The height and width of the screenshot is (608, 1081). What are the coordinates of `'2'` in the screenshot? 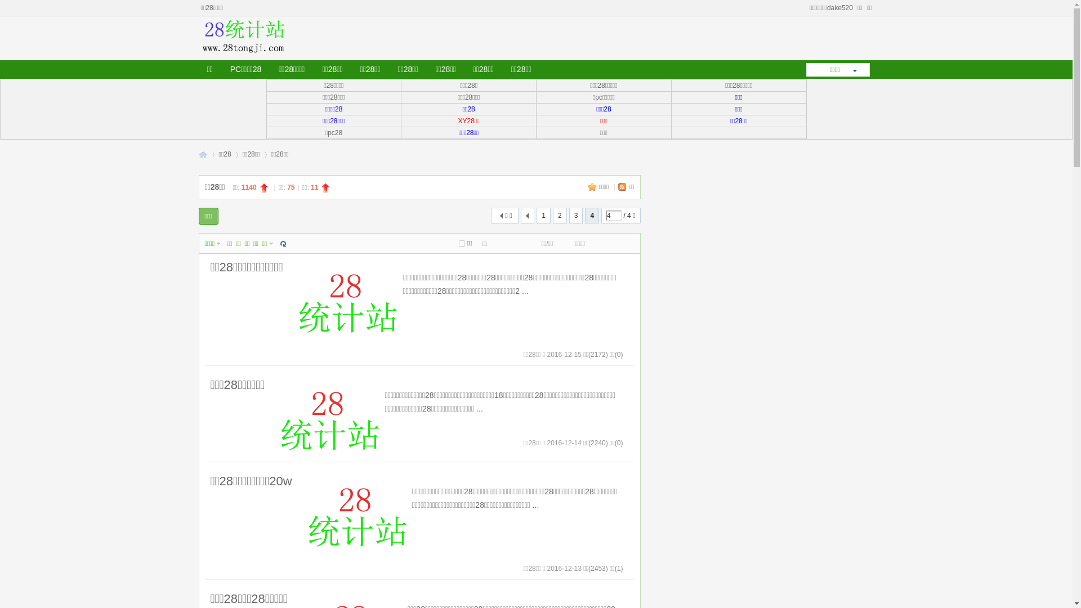 It's located at (553, 215).